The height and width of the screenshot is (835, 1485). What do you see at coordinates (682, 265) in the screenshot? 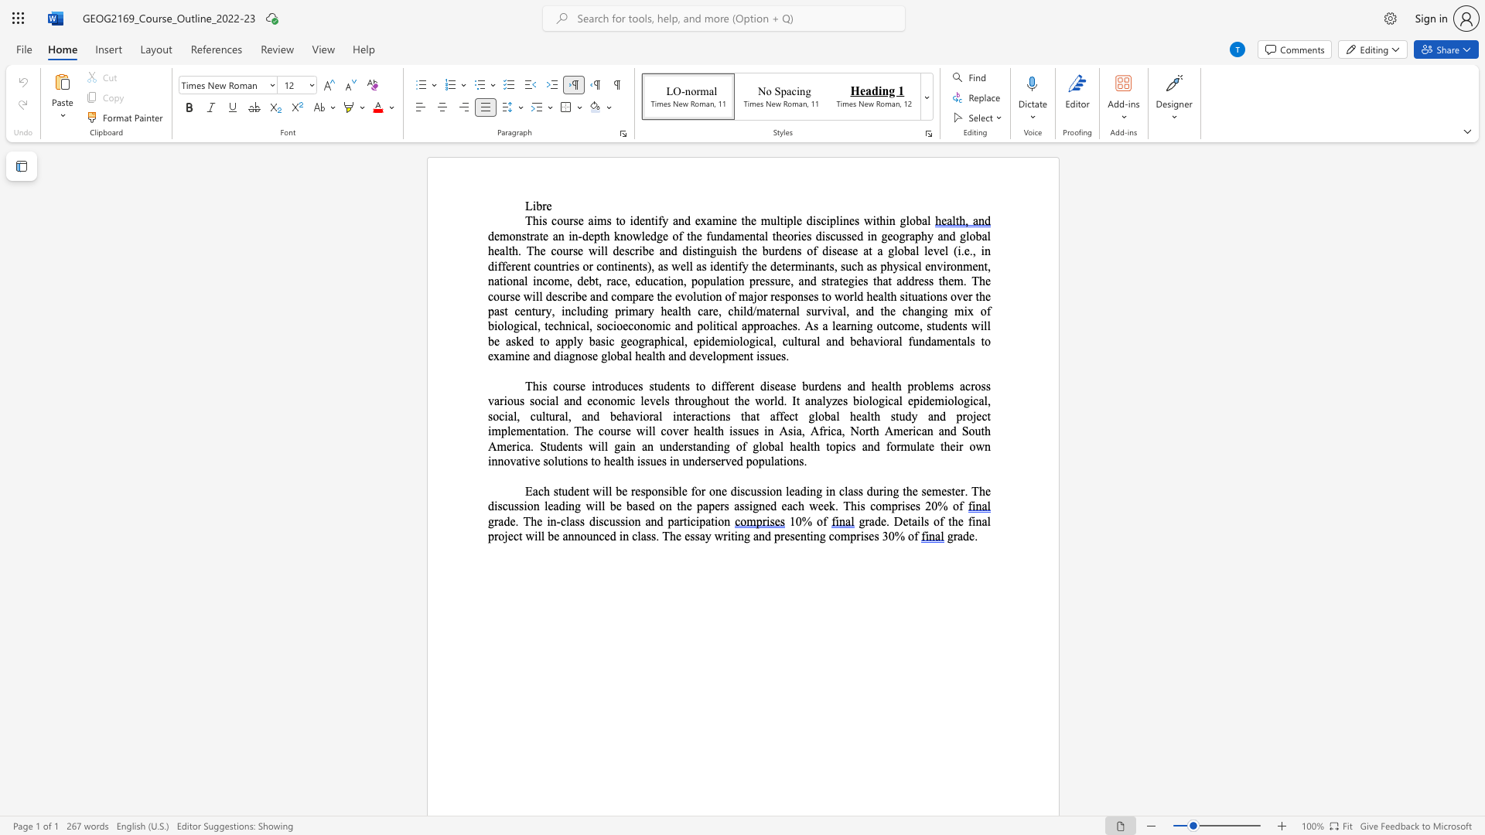
I see `the 1th character "e" in the text` at bounding box center [682, 265].